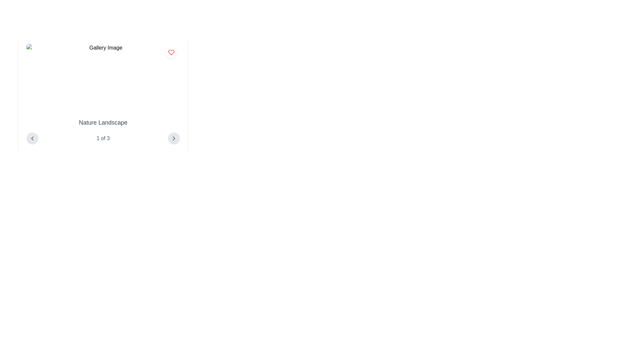 Image resolution: width=635 pixels, height=357 pixels. I want to click on the text label displaying '1 of 3' in a small gray font, located between two navigation icons in the gallery interface, so click(103, 138).